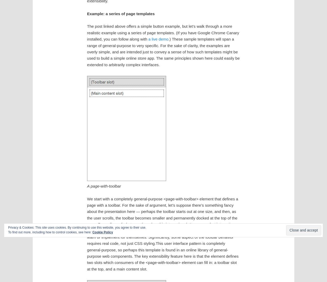 Image resolution: width=327 pixels, height=282 pixels. What do you see at coordinates (148, 39) in the screenshot?
I see `'a live demo'` at bounding box center [148, 39].